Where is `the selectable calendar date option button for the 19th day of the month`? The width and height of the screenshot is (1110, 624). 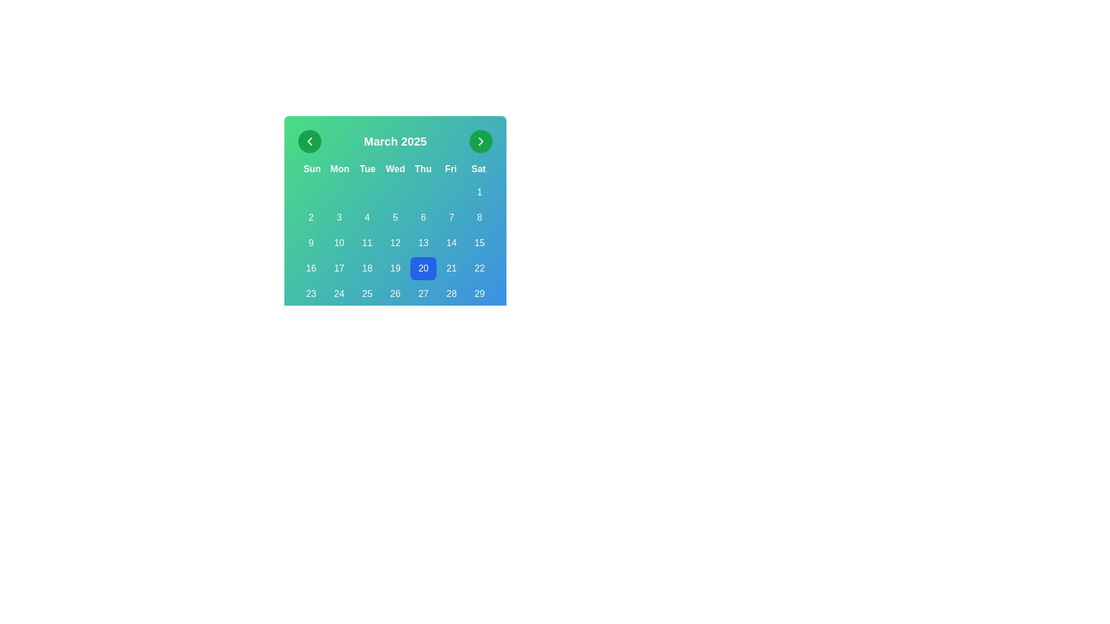 the selectable calendar date option button for the 19th day of the month is located at coordinates (395, 269).